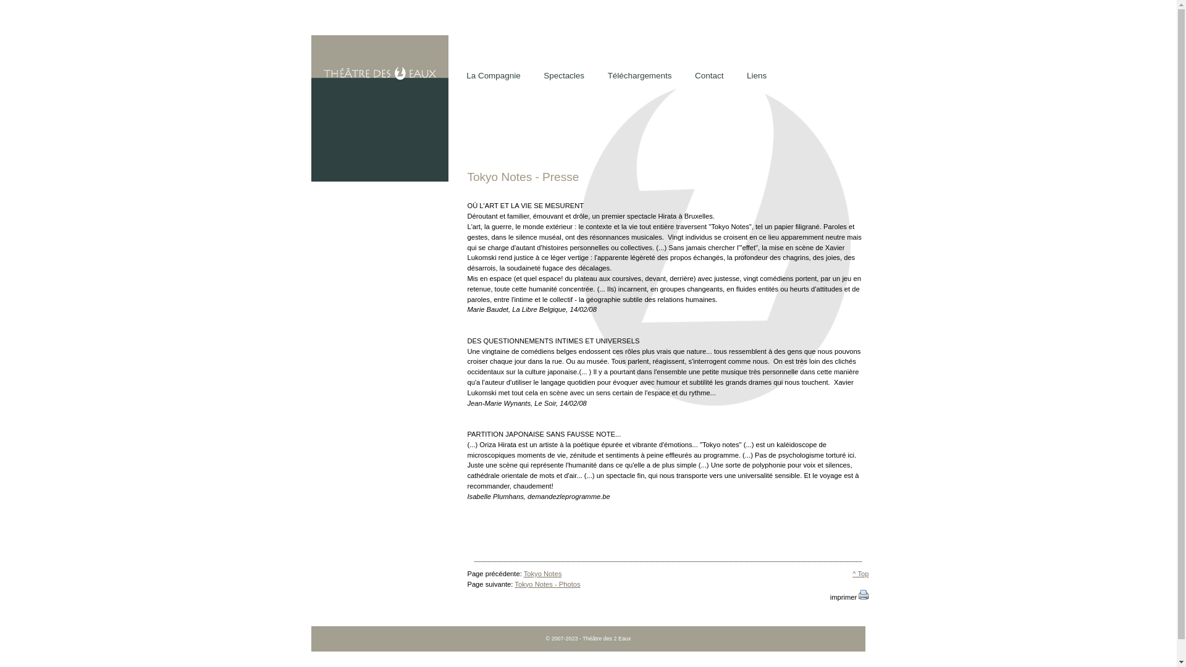  What do you see at coordinates (755, 76) in the screenshot?
I see `'Liens'` at bounding box center [755, 76].